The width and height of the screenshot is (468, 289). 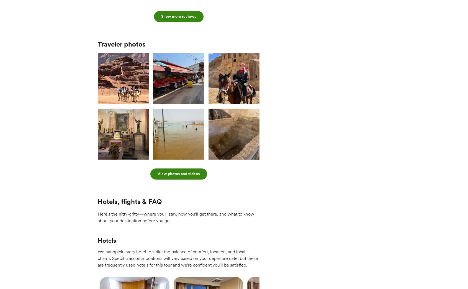 What do you see at coordinates (288, 2) in the screenshot?
I see `'May 19'` at bounding box center [288, 2].